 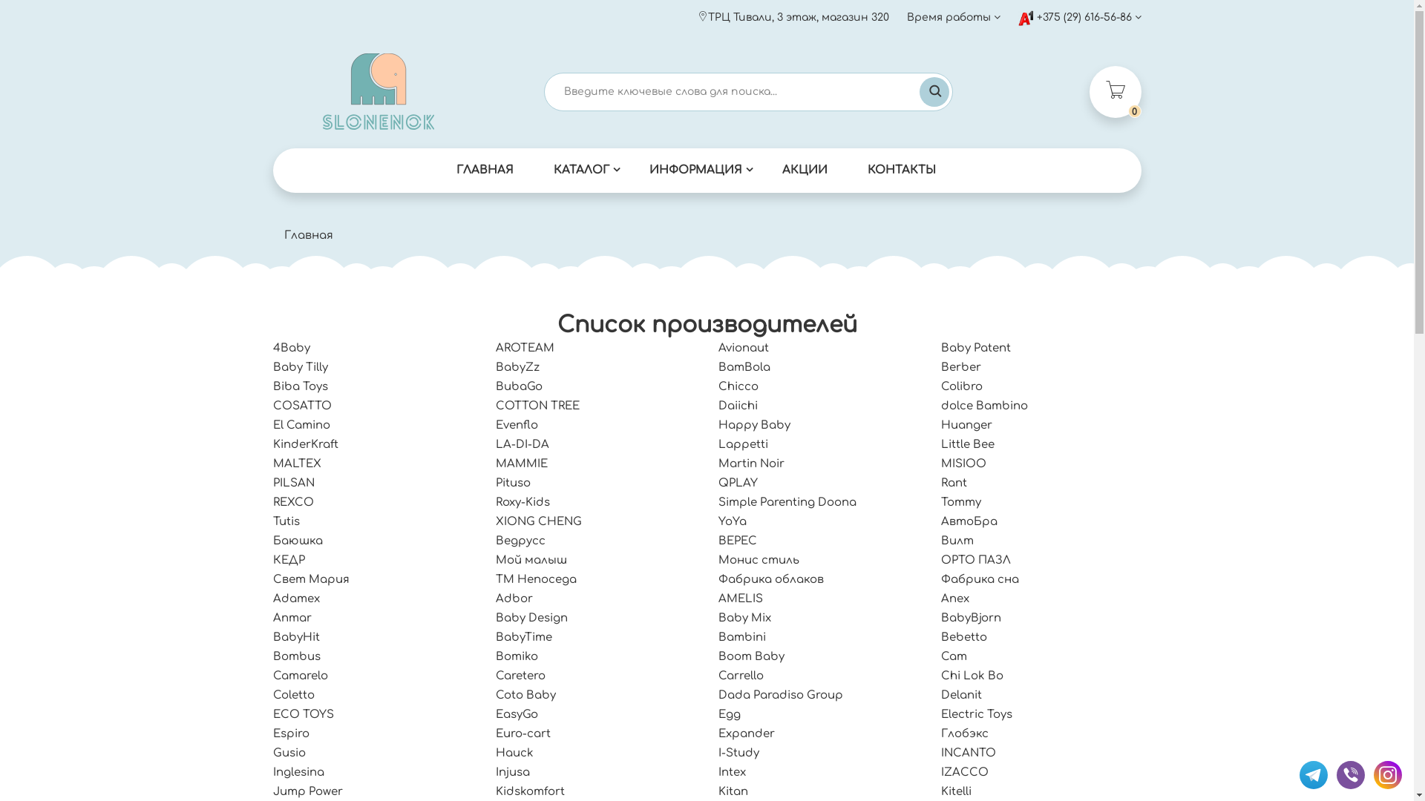 I want to click on 'MISIOO', so click(x=963, y=463).